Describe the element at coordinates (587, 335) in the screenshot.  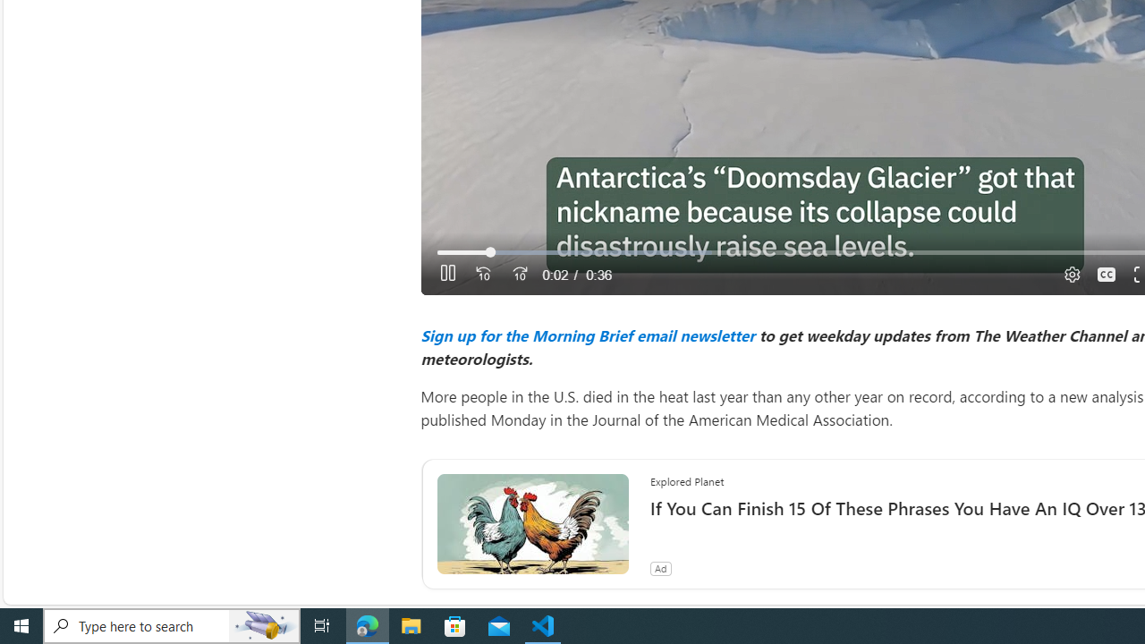
I see `'Sign up for the Morning Brief email newsletter'` at that location.